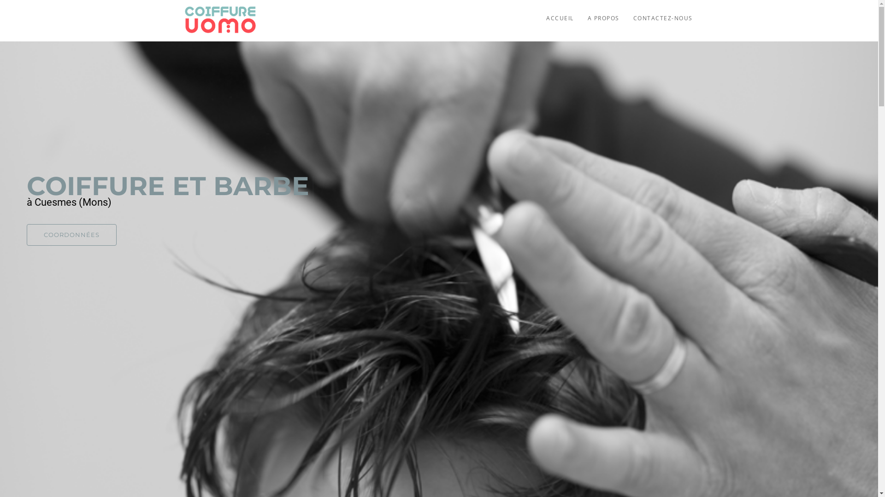  Describe the element at coordinates (662, 18) in the screenshot. I see `'CONTACTEZ-NOUS'` at that location.